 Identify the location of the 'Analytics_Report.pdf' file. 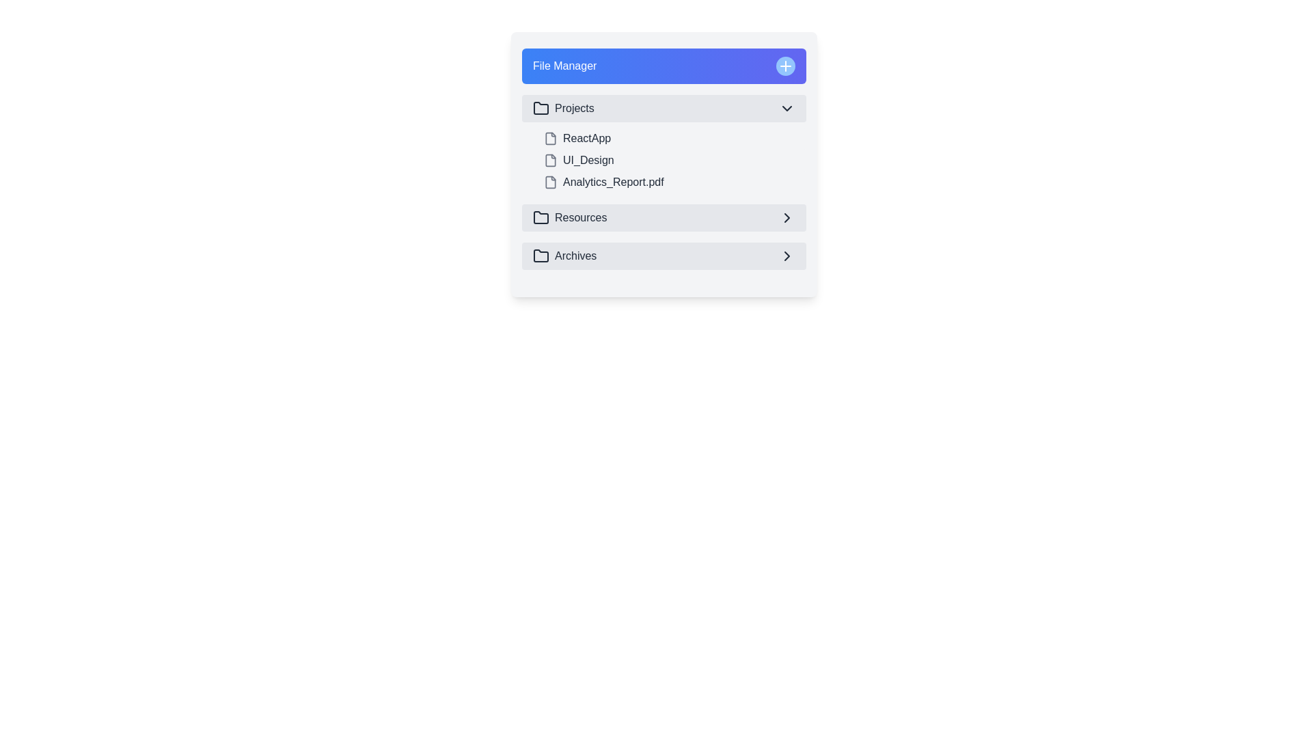
(672, 181).